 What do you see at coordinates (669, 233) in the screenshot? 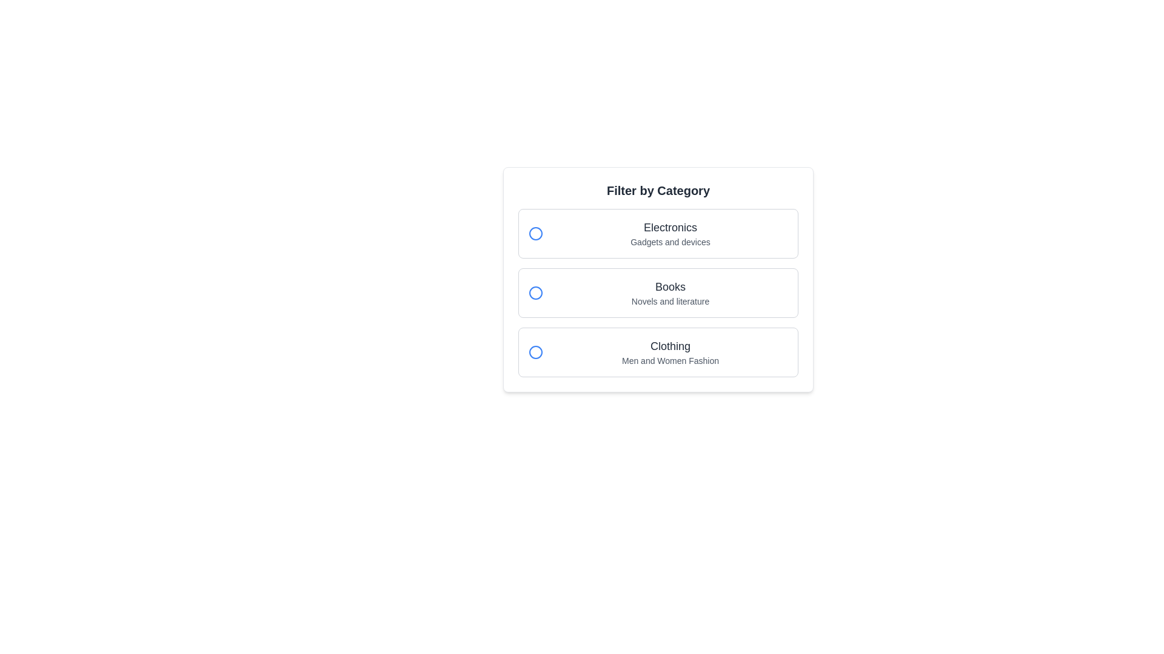
I see `text information from the 'Electronics' category title element, which displays 'Electronics' in bold and 'Gadgets and devices' in a smaller, grayed-out font, located within the topmost list item of a vertical category selection interface` at bounding box center [669, 233].